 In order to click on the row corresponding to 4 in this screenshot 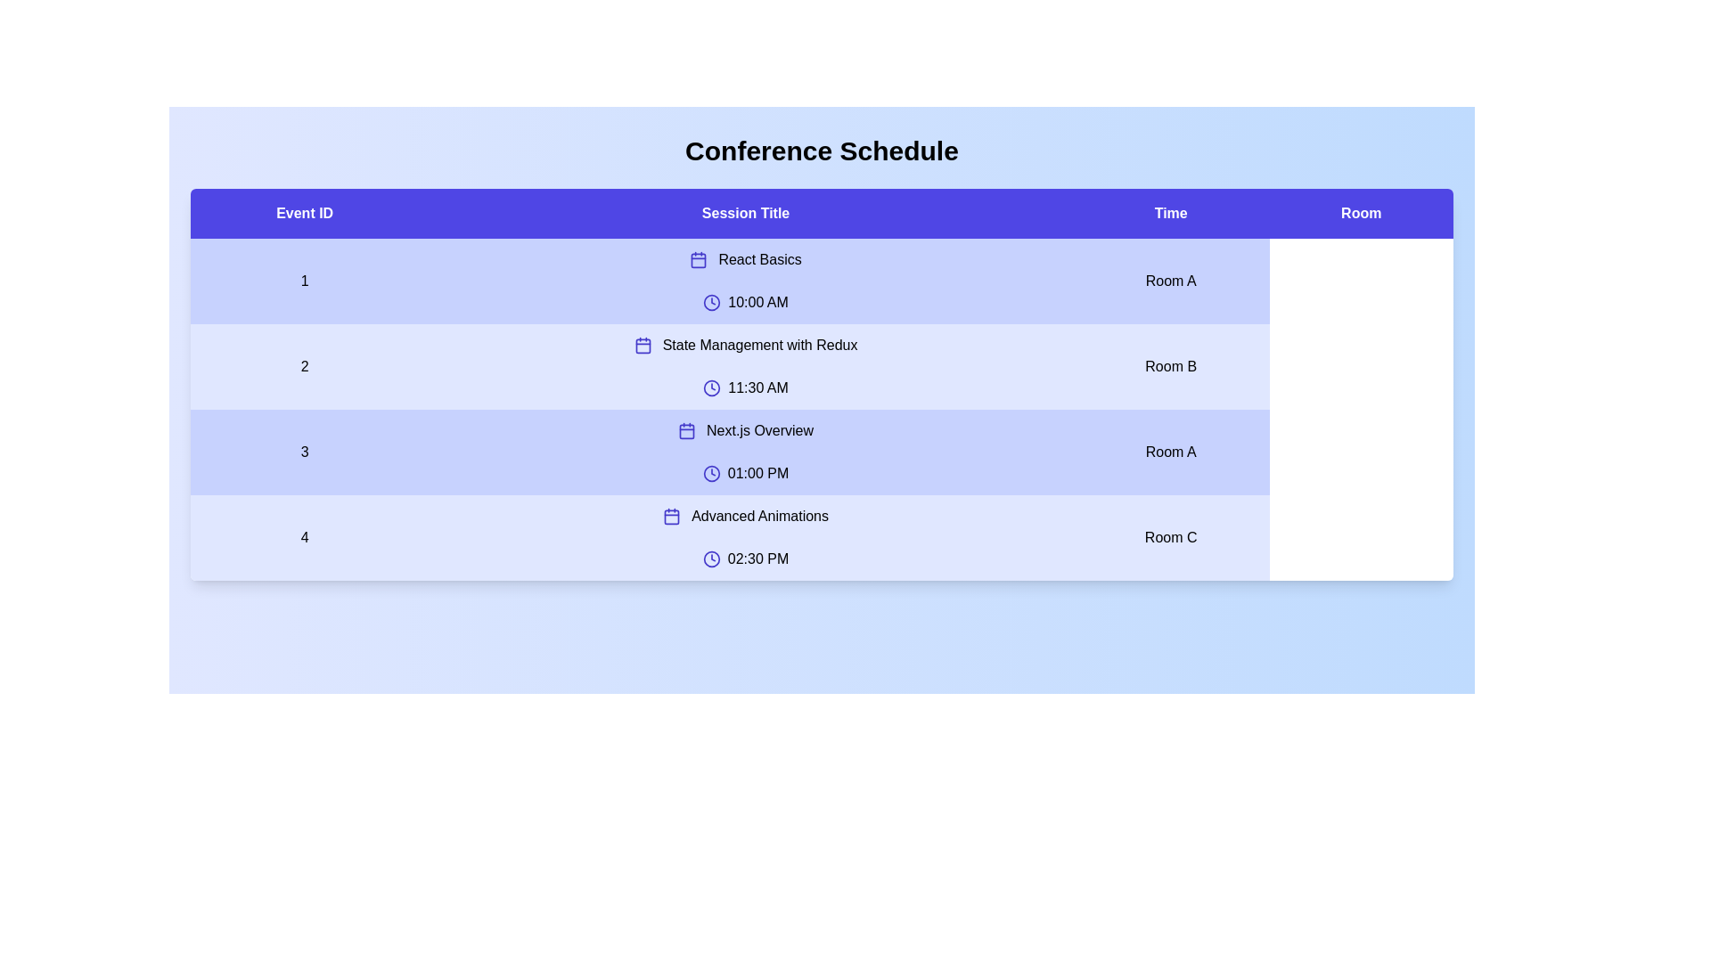, I will do `click(821, 537)`.